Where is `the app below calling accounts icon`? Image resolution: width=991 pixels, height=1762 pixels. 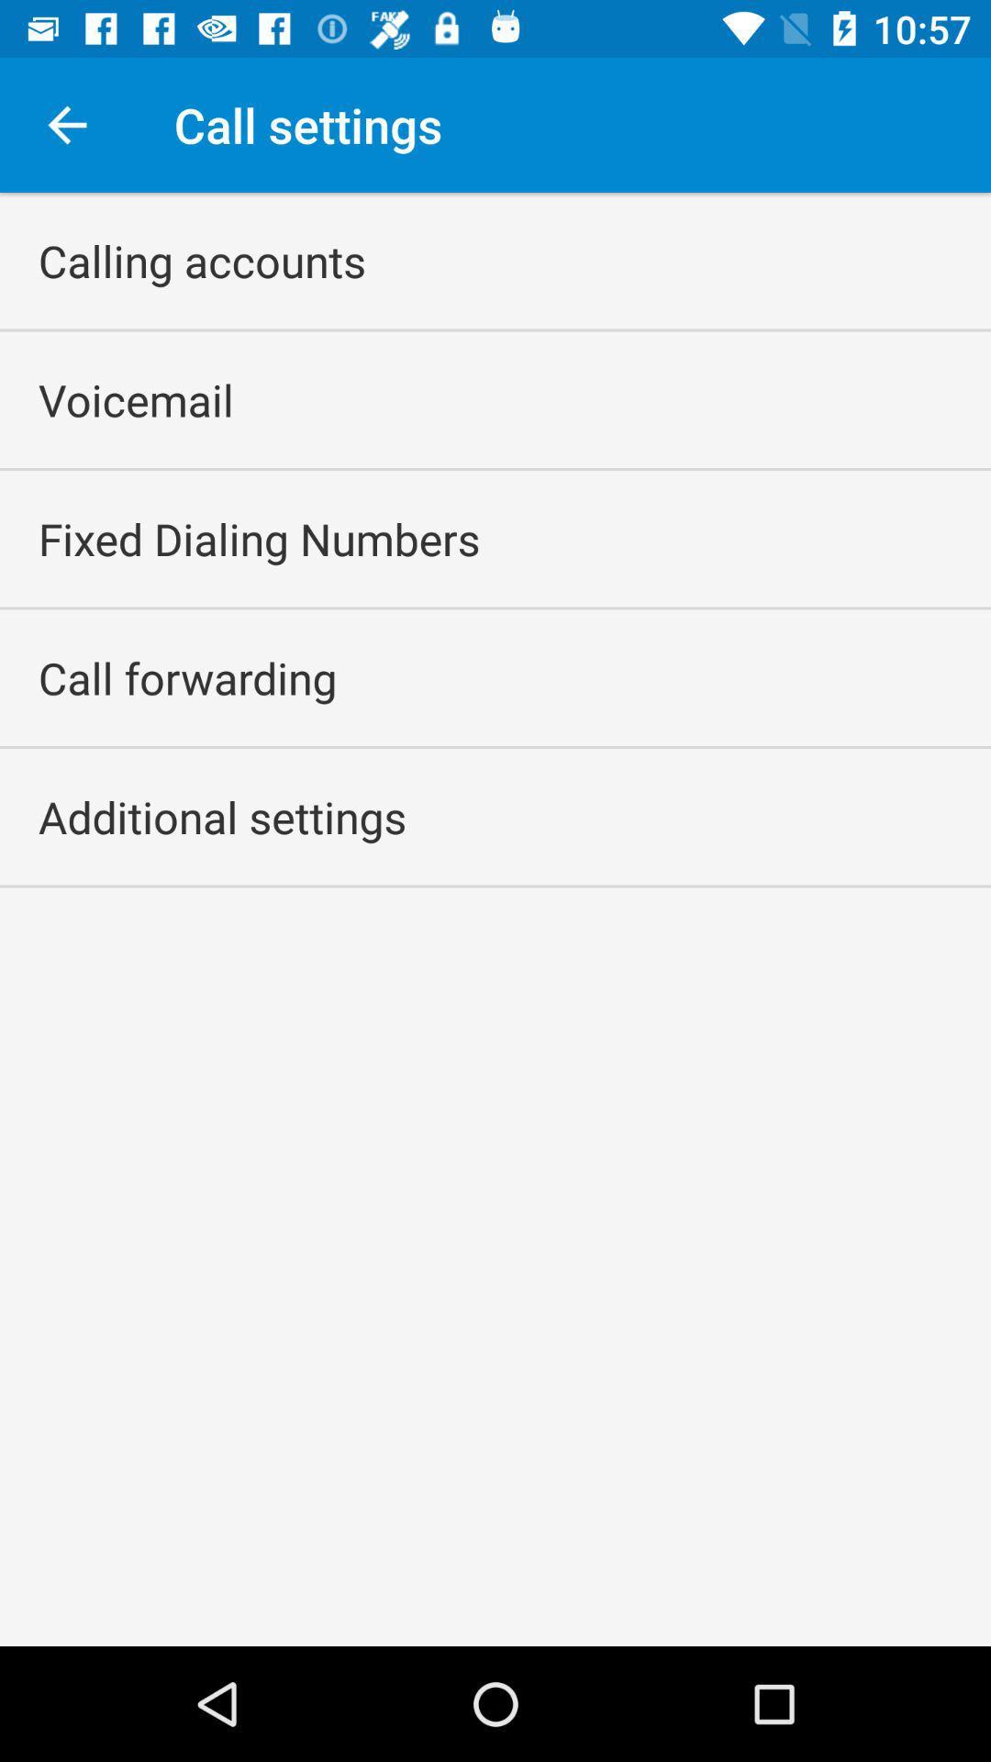 the app below calling accounts icon is located at coordinates (135, 398).